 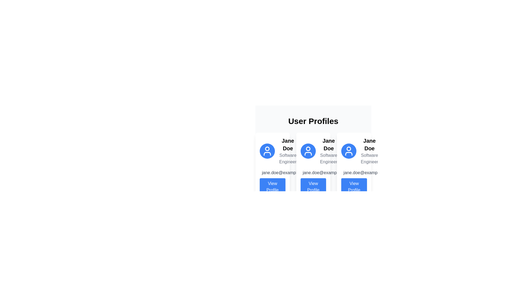 What do you see at coordinates (288, 159) in the screenshot?
I see `the text label indicating the professional designation of the individual in the user profile, which is located below the name 'Jane Doe' and horizontally centered within the profile frame` at bounding box center [288, 159].